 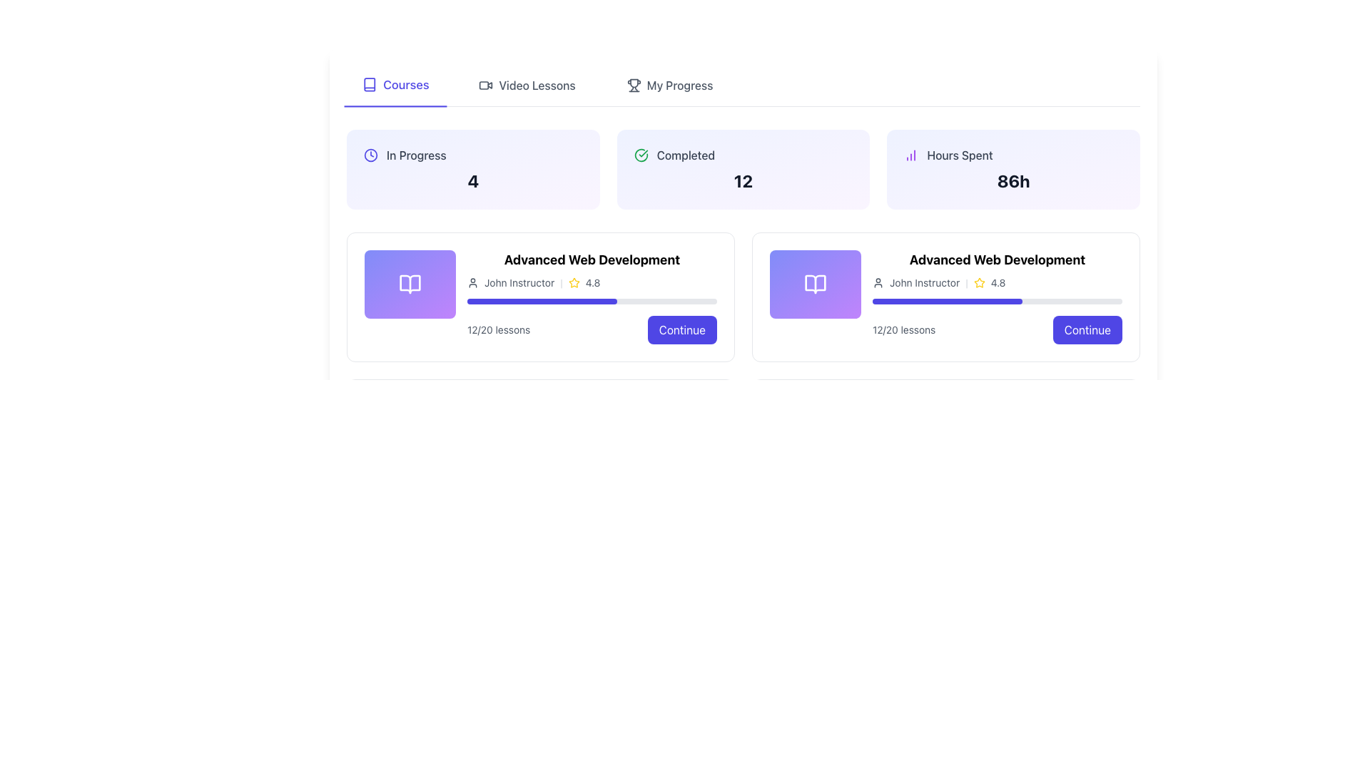 What do you see at coordinates (1086, 329) in the screenshot?
I see `the button located to the right of the '12/20 lessons' text label` at bounding box center [1086, 329].